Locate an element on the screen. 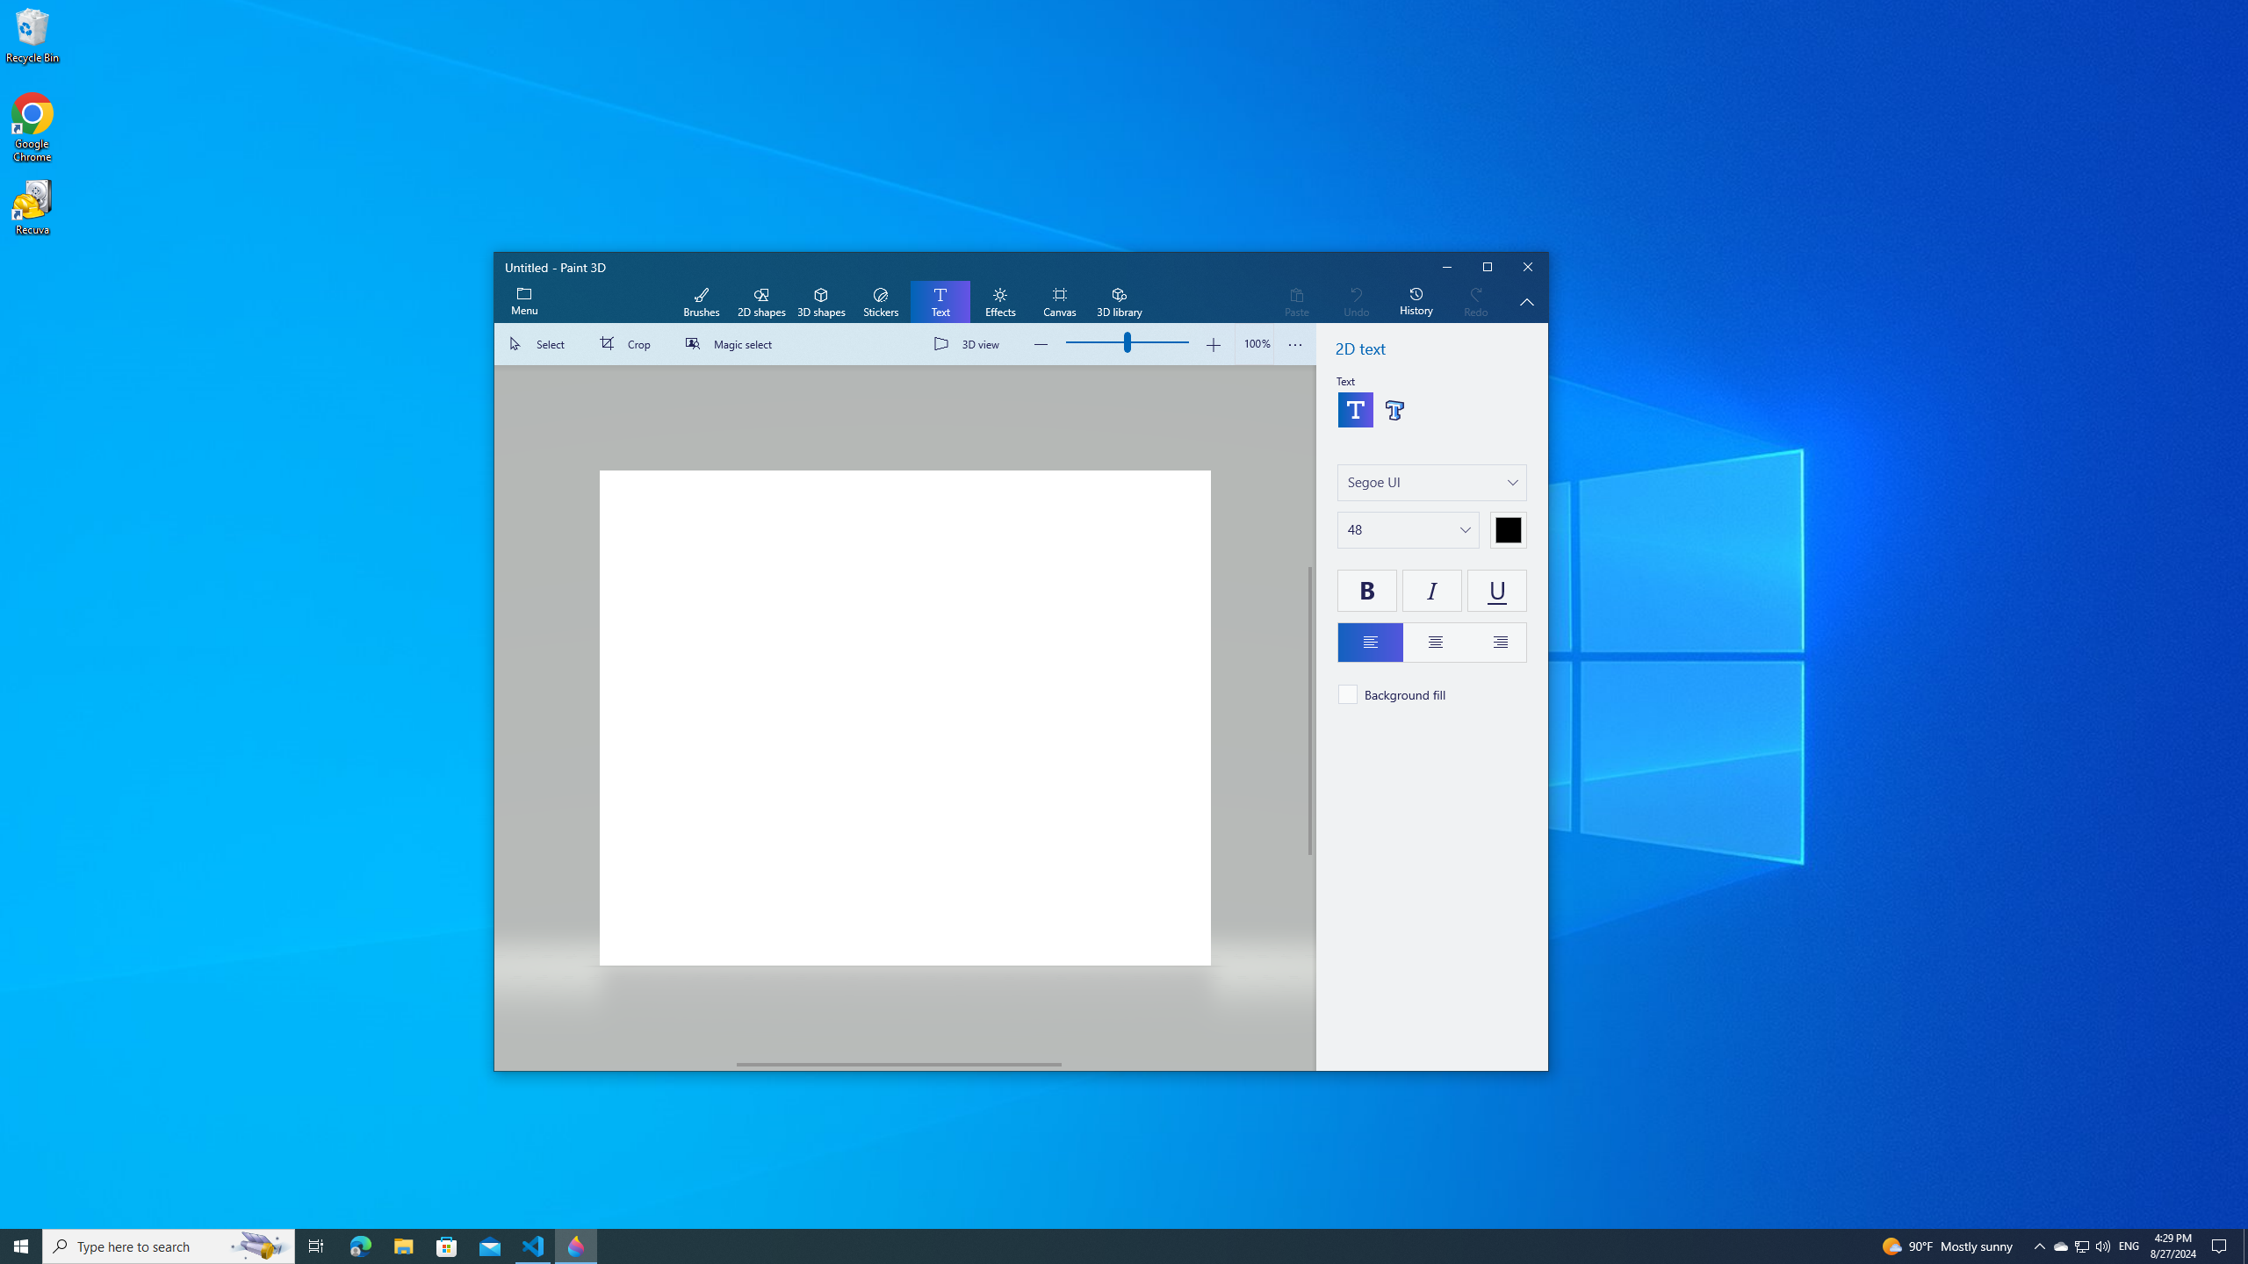 This screenshot has width=2248, height=1264. 'Left align text' is located at coordinates (1370, 642).